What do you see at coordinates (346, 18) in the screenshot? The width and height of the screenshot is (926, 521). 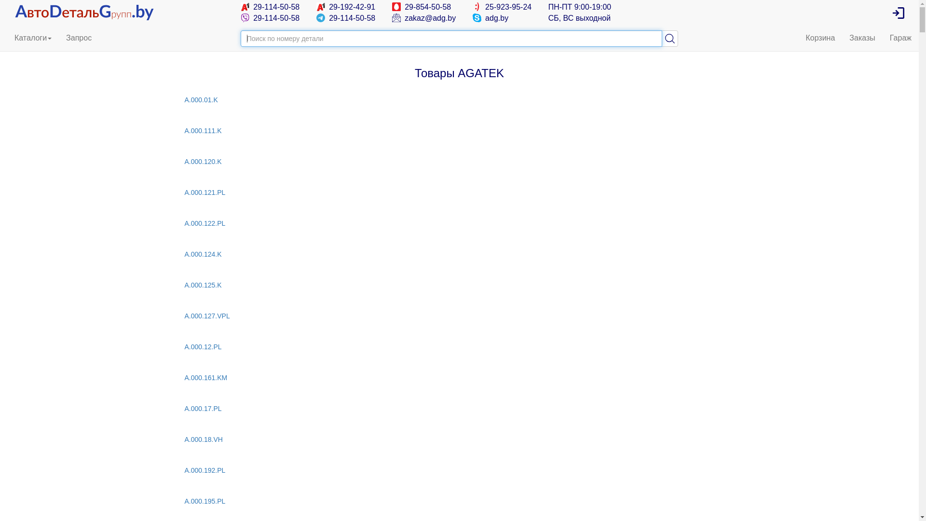 I see `'29-114-50-58'` at bounding box center [346, 18].